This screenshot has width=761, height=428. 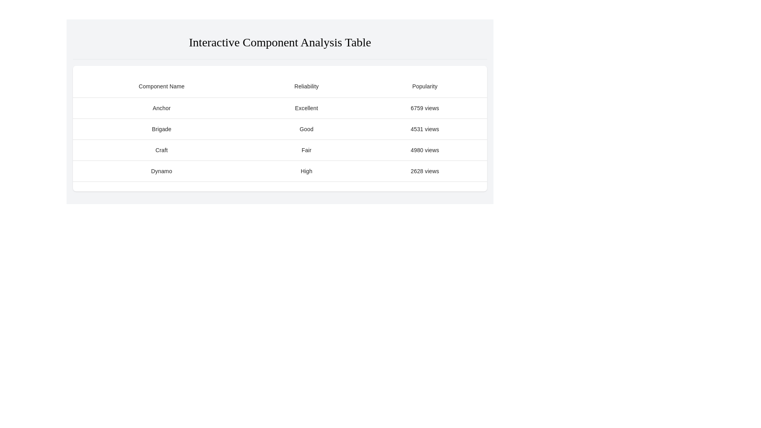 I want to click on the static text display that reads 'High' in the second column under the 'Reliability' header, located in the fourth row of the table for 'Dynamo', so click(x=306, y=171).